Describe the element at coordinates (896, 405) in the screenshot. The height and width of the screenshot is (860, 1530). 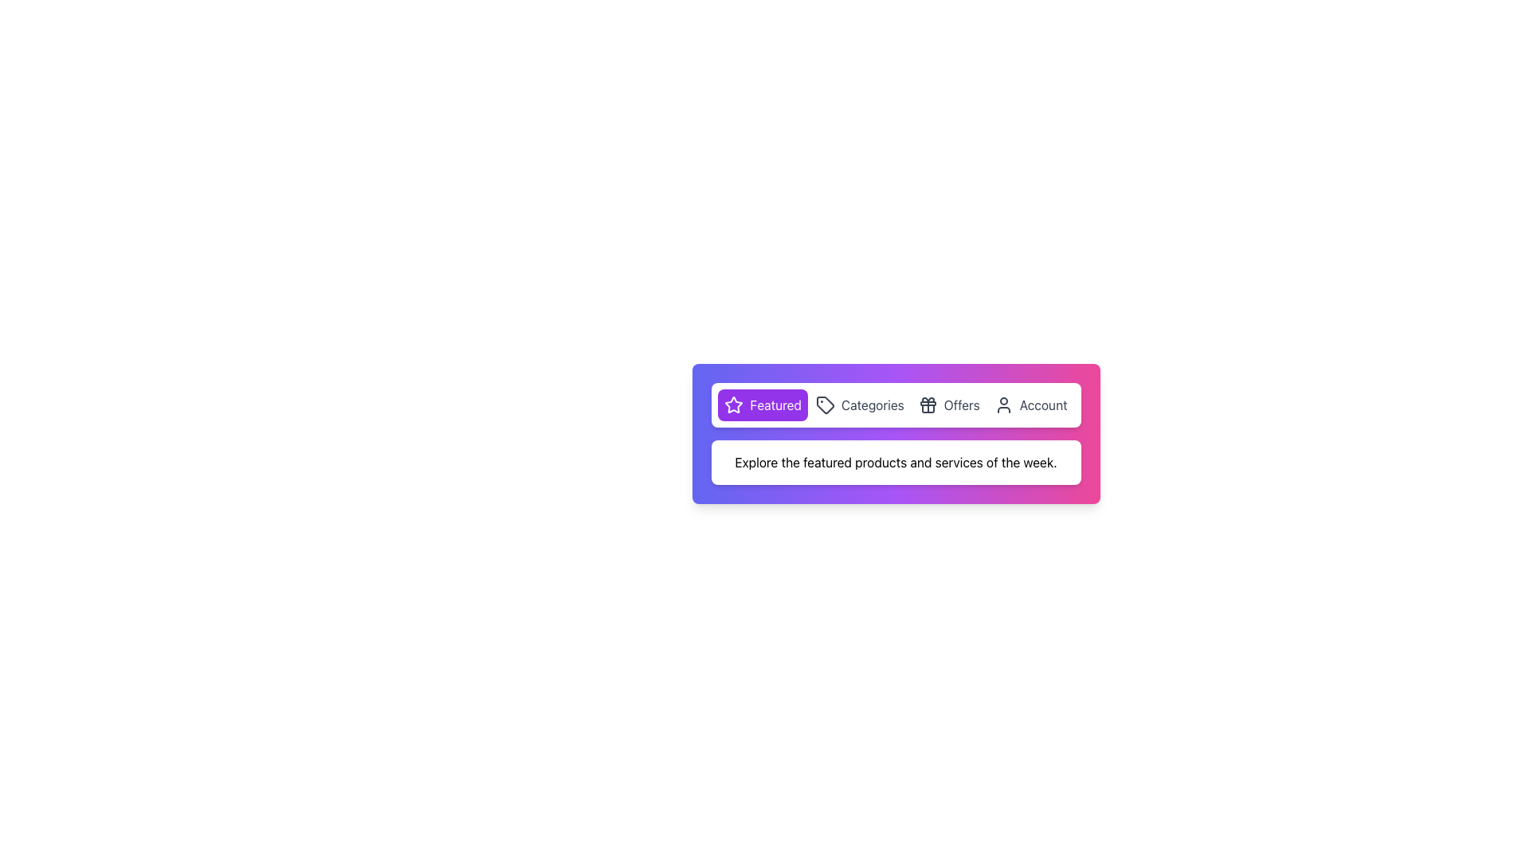
I see `the navigation menu located centrally in the interface for visual feedback on interactive buttons` at that location.